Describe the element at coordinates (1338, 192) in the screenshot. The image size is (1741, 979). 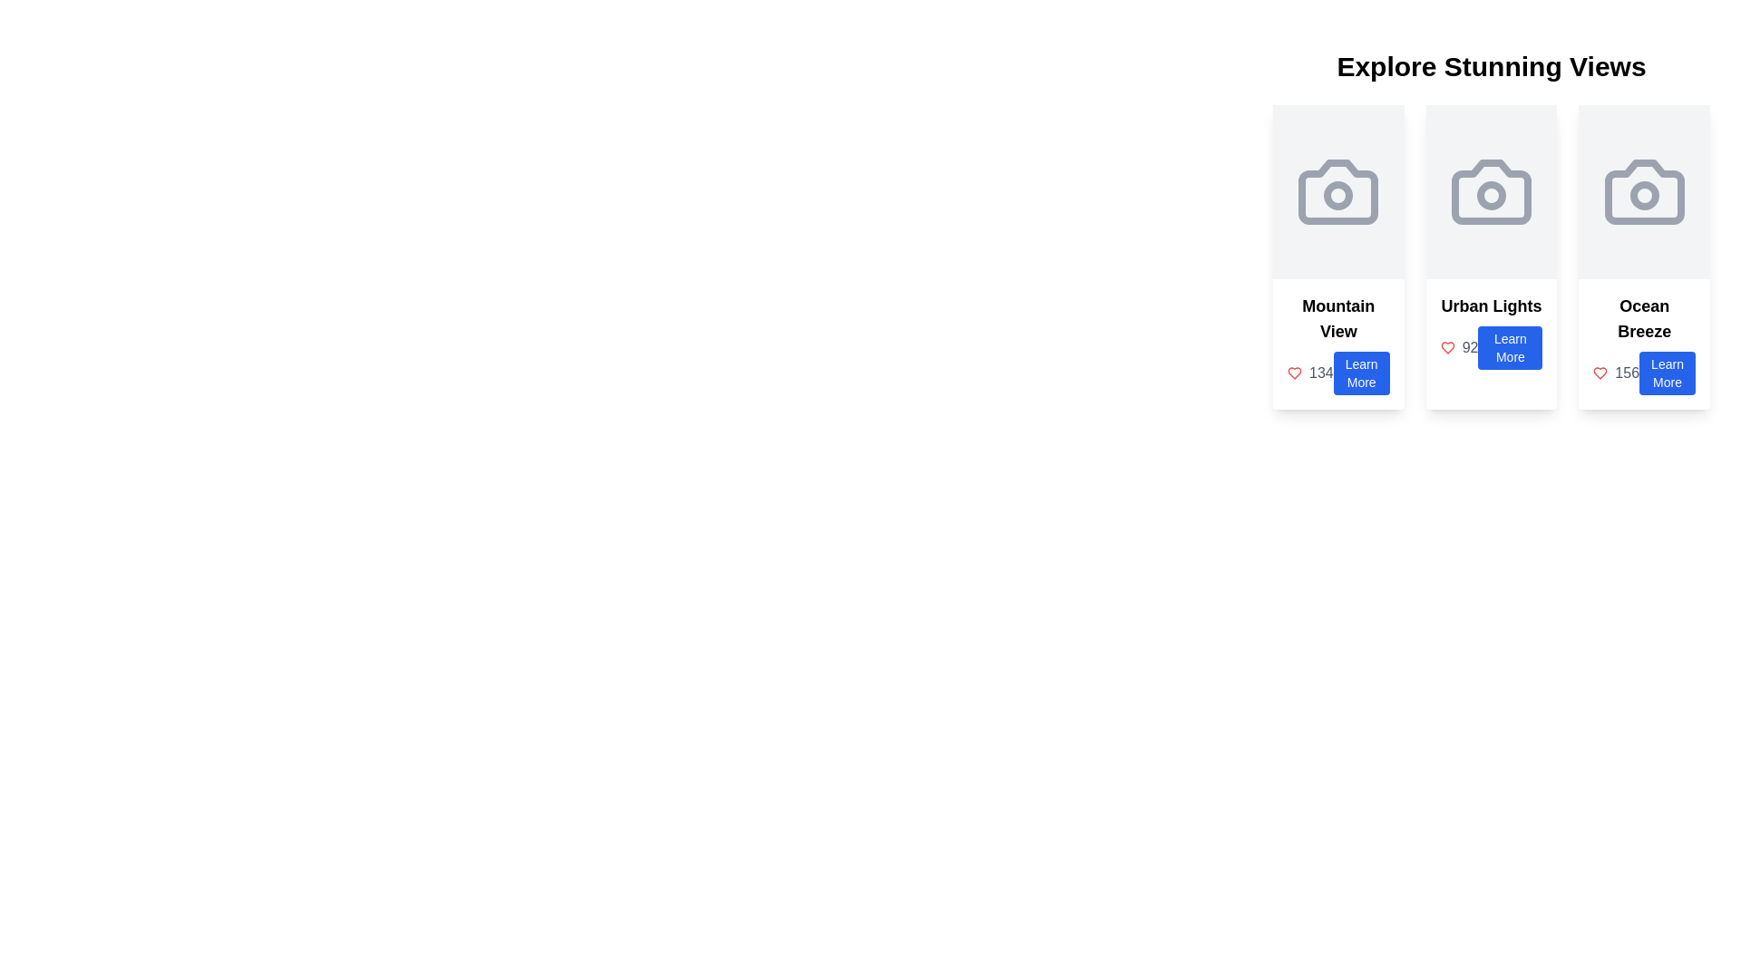
I see `the camera icon located at the top center of the 'Mountain View' card, which is the leftmost card in a series of three horizontally aligned cards` at that location.